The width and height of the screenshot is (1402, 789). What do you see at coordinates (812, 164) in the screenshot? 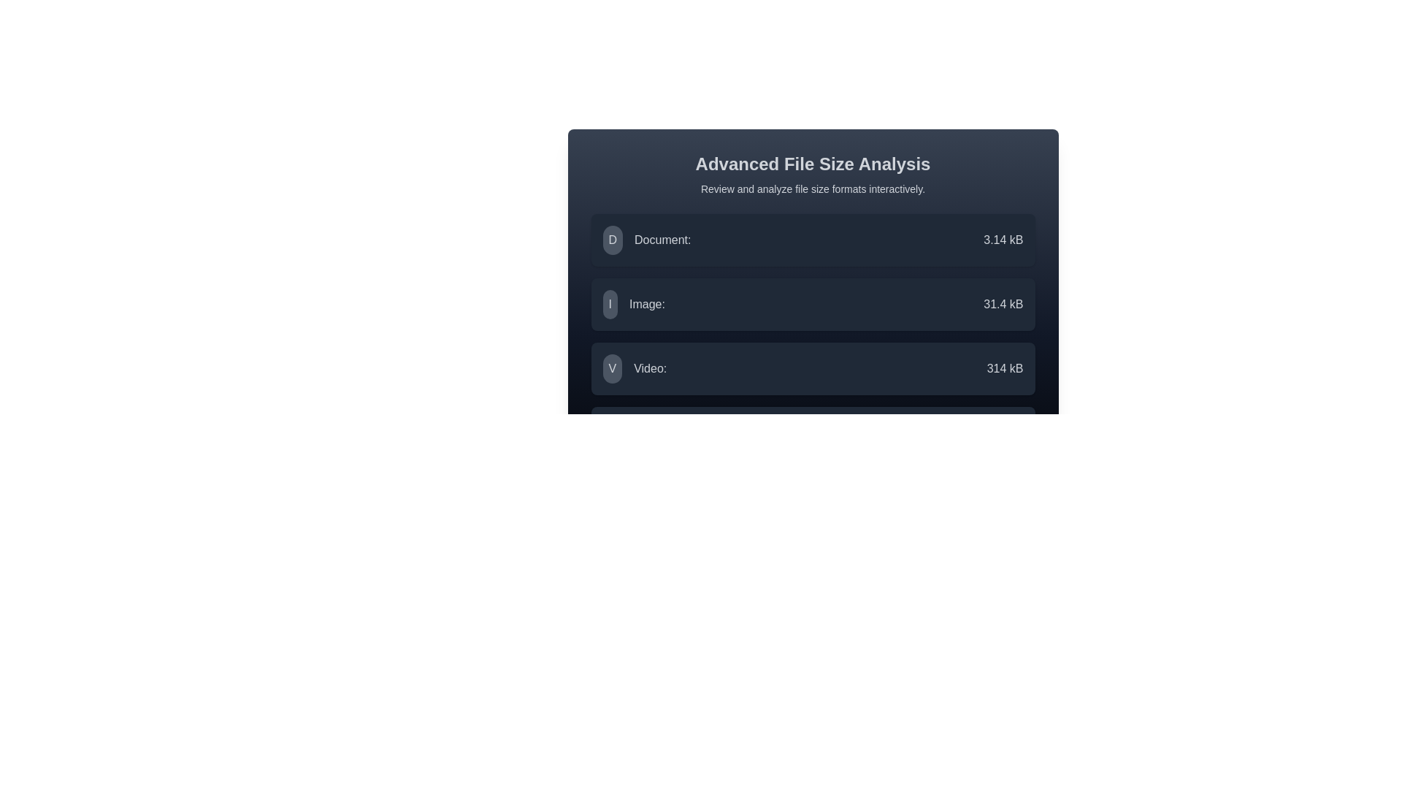
I see `the text label displaying 'Advanced File Size Analysis', which is centrally located at the top of the section with a bold and large font` at bounding box center [812, 164].